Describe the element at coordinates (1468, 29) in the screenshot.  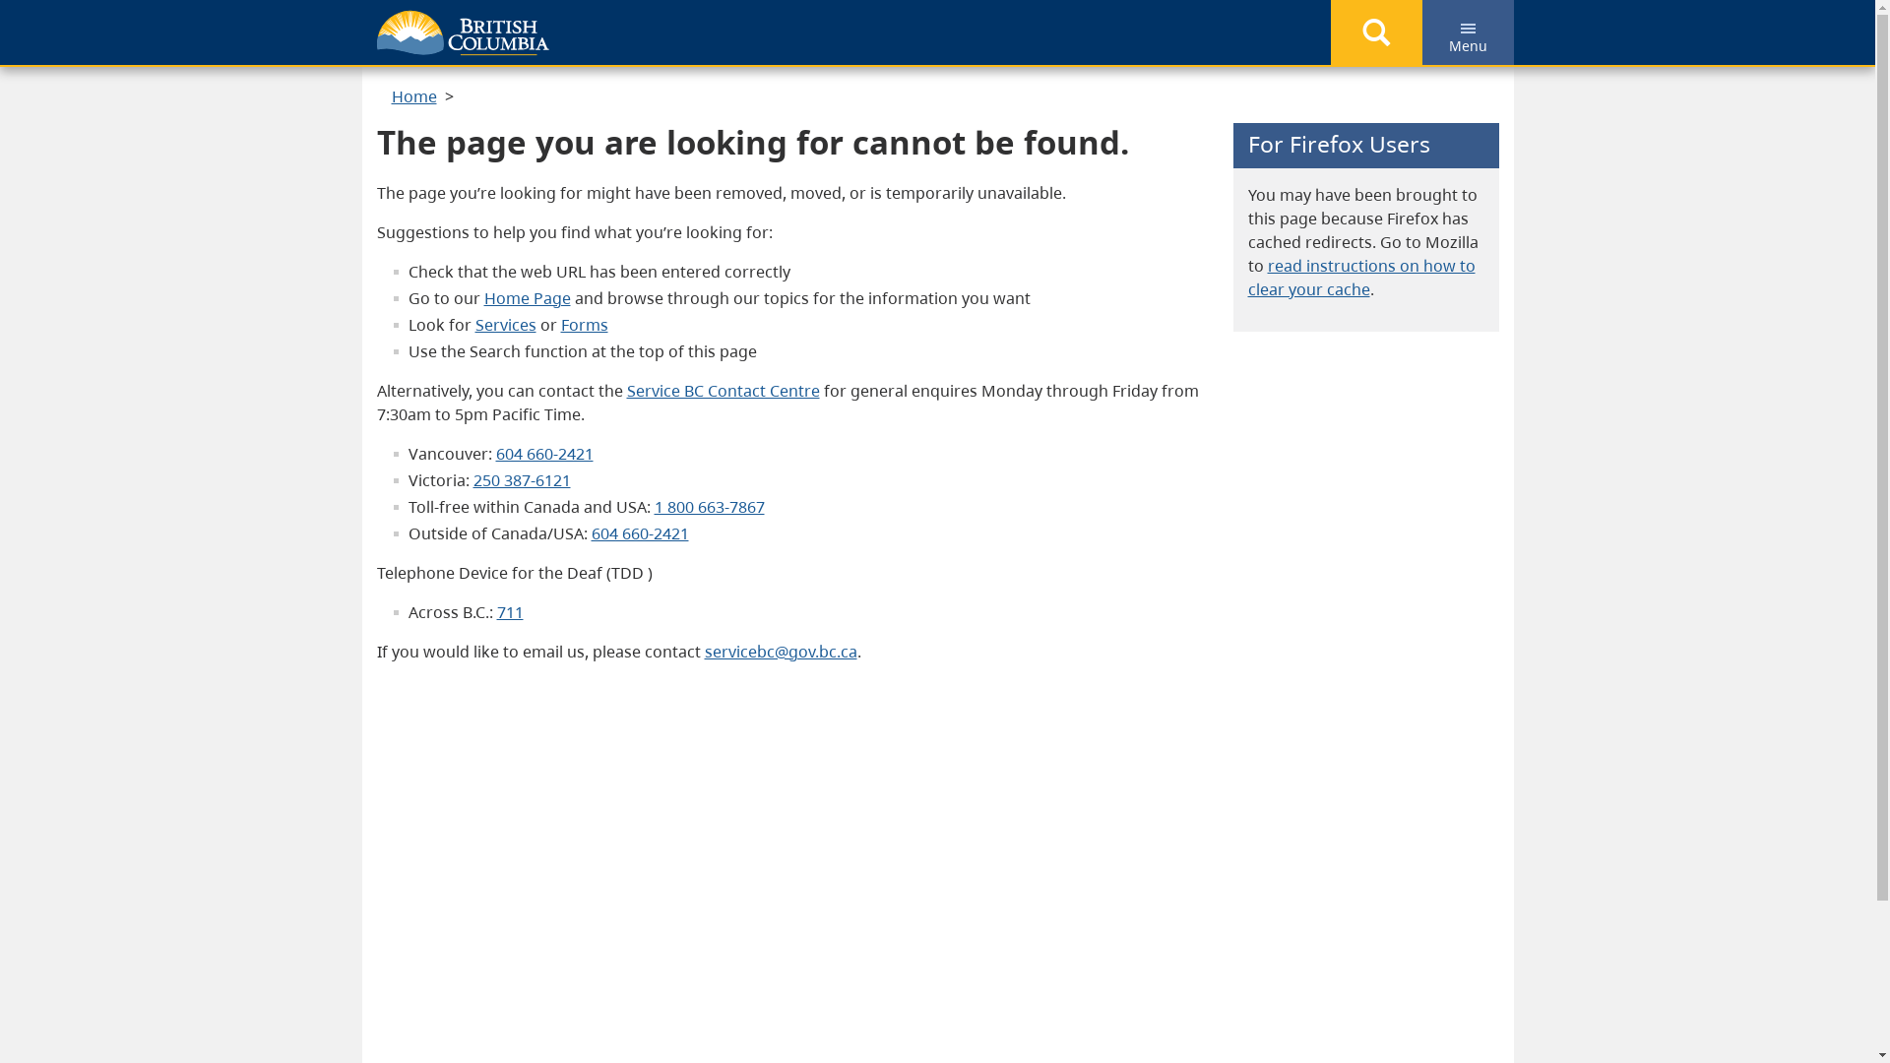
I see `'Menu'` at that location.